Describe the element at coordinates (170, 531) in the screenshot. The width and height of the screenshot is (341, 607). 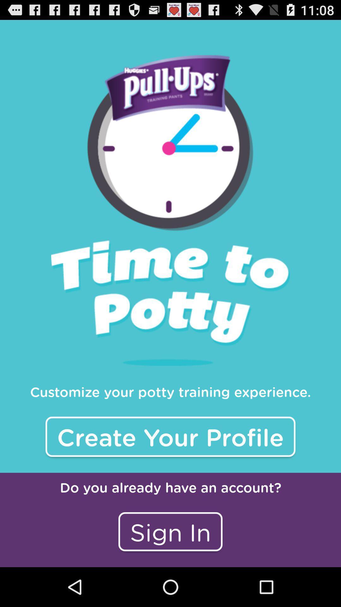
I see `the sign in icon` at that location.